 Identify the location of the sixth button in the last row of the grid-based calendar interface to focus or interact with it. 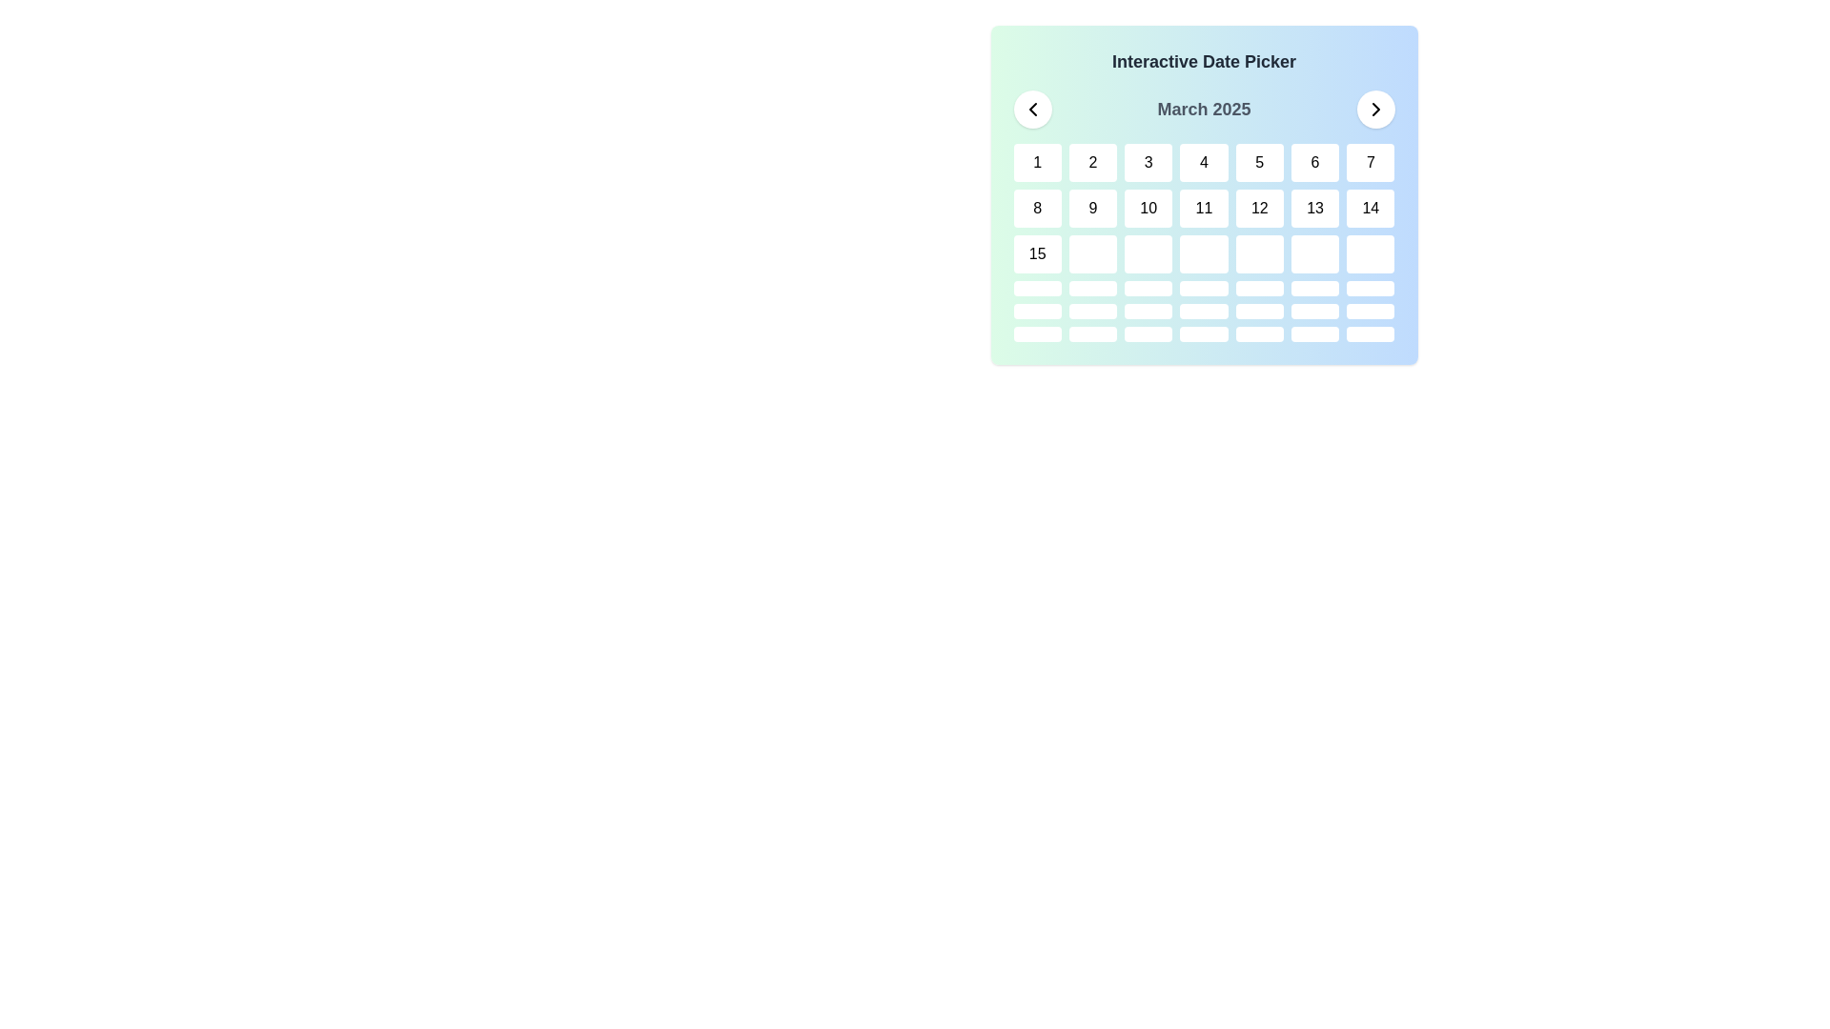
(1314, 333).